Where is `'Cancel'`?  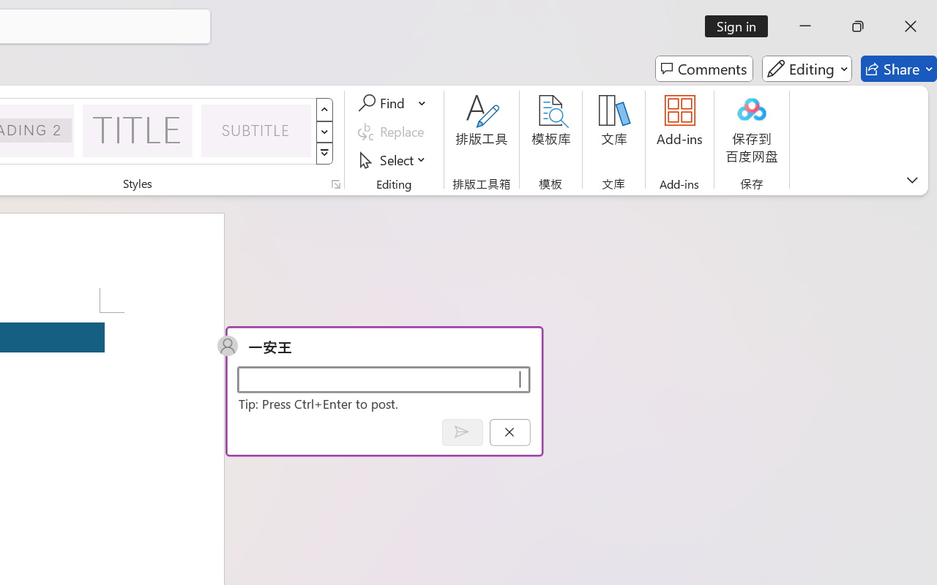
'Cancel' is located at coordinates (509, 431).